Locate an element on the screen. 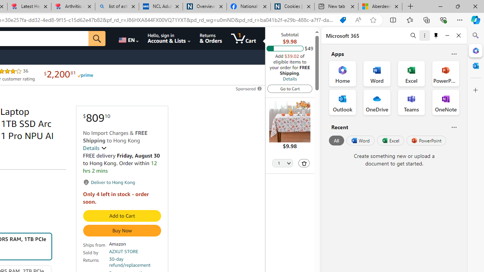 The image size is (484, 272). 'Excel Office App' is located at coordinates (411, 74).